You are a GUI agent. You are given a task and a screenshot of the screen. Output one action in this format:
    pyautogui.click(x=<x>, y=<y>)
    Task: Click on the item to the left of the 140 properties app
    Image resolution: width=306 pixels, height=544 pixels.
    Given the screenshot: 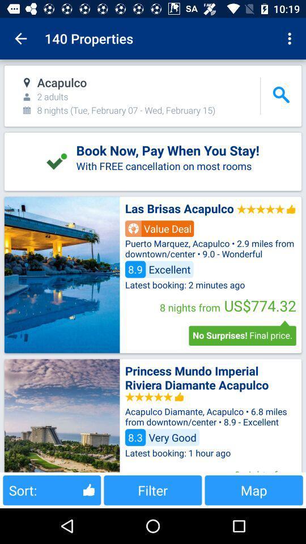 What is the action you would take?
    pyautogui.click(x=20, y=39)
    